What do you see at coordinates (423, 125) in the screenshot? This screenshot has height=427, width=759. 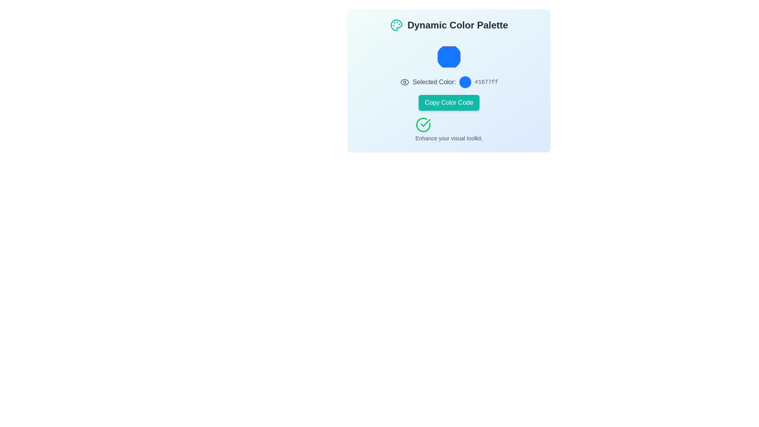 I see `the circular green checkmark icon located at the bottom left of the 'Dynamic Color Palette' card, which is styled with a green hue and is adjacent to the text 'Enhance your visual toolkit.'` at bounding box center [423, 125].